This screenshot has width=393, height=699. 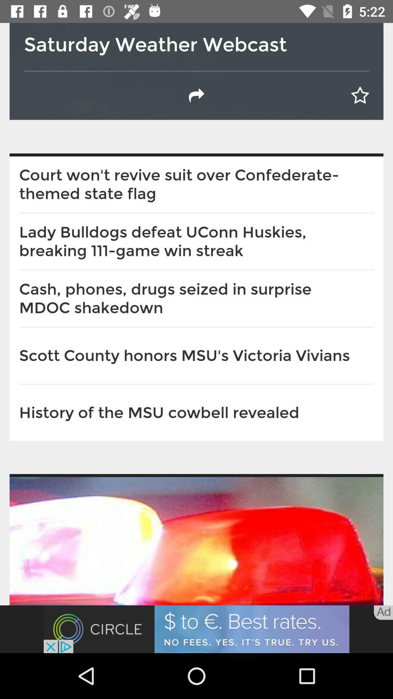 What do you see at coordinates (196, 629) in the screenshot?
I see `click advertisement` at bounding box center [196, 629].